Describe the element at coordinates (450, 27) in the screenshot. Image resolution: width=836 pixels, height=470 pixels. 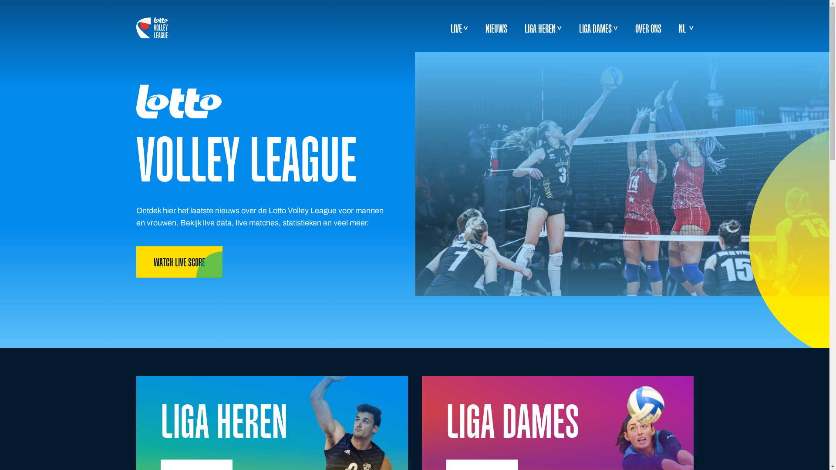
I see `'LIVE'` at that location.